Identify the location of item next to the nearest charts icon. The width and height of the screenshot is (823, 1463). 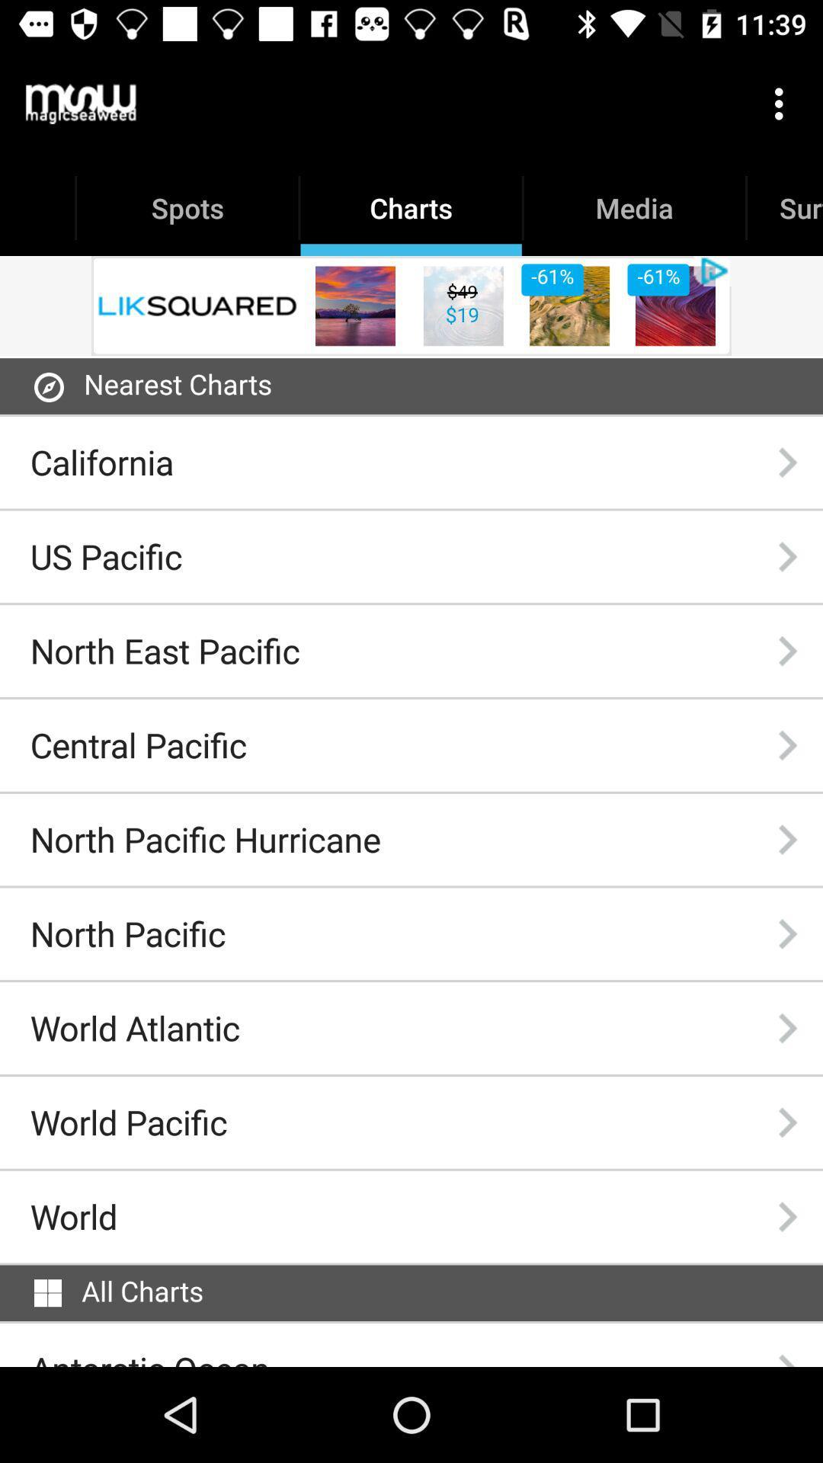
(48, 387).